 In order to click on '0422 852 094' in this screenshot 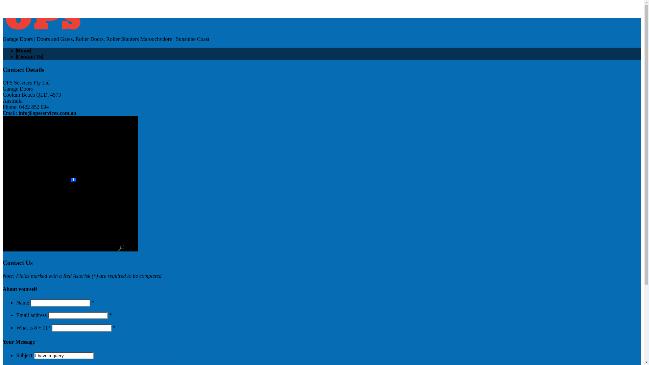, I will do `click(18, 5)`.